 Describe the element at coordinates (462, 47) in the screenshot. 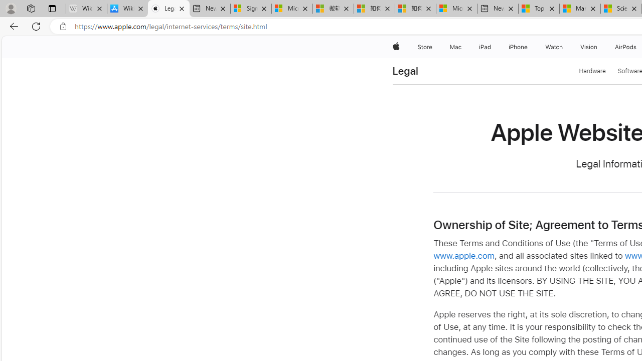

I see `'Mac menu'` at that location.